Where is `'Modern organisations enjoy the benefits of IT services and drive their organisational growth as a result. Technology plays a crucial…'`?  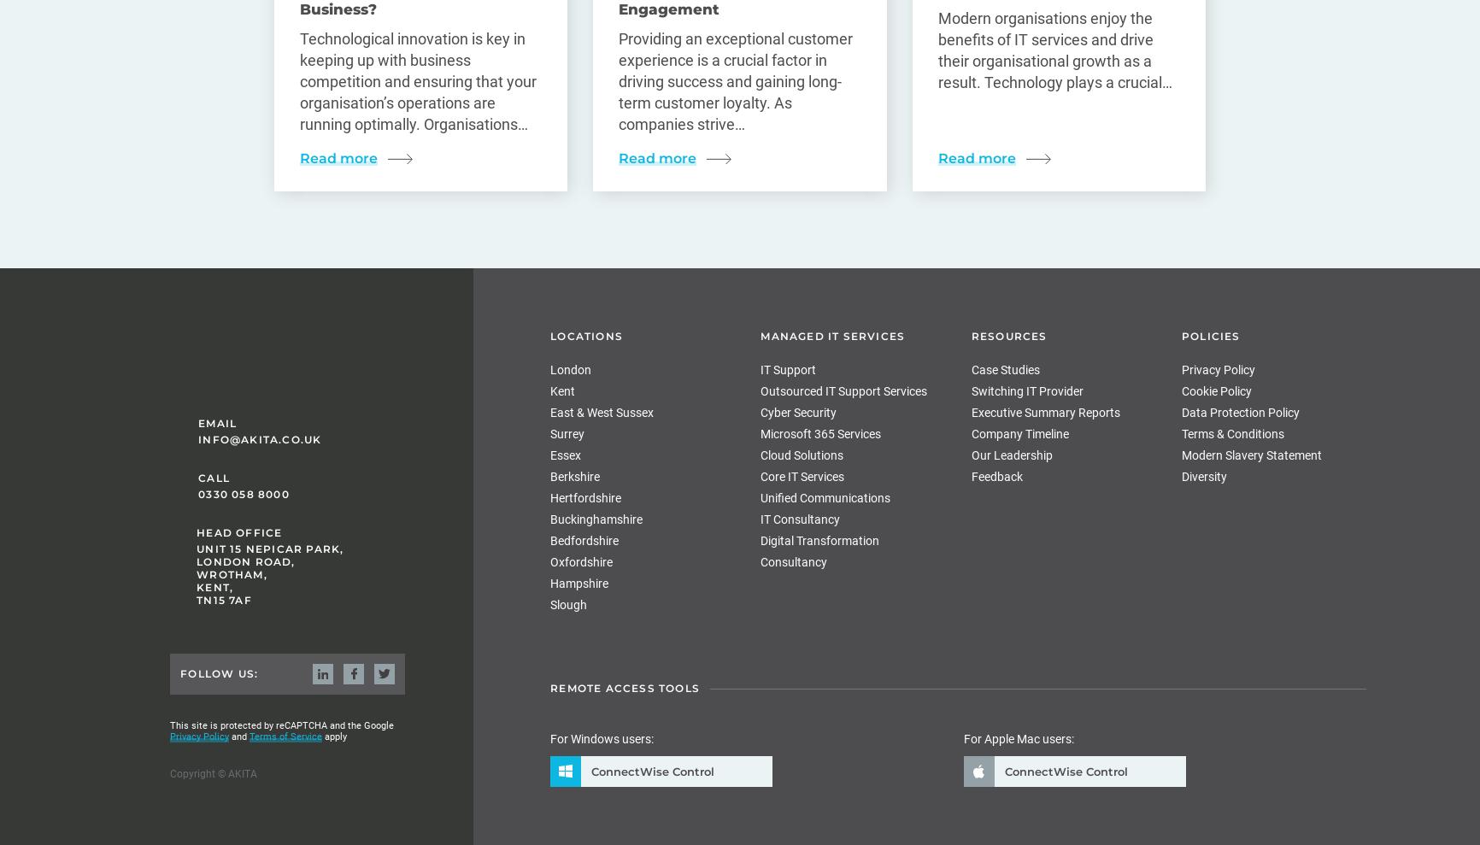
'Modern organisations enjoy the benefits of IT services and drive their organisational growth as a result. Technology plays a crucial…' is located at coordinates (1054, 50).